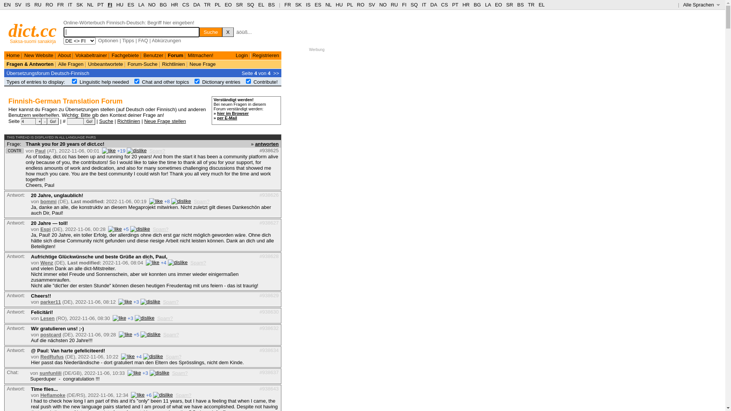  What do you see at coordinates (153, 55) in the screenshot?
I see `'Benutzer'` at bounding box center [153, 55].